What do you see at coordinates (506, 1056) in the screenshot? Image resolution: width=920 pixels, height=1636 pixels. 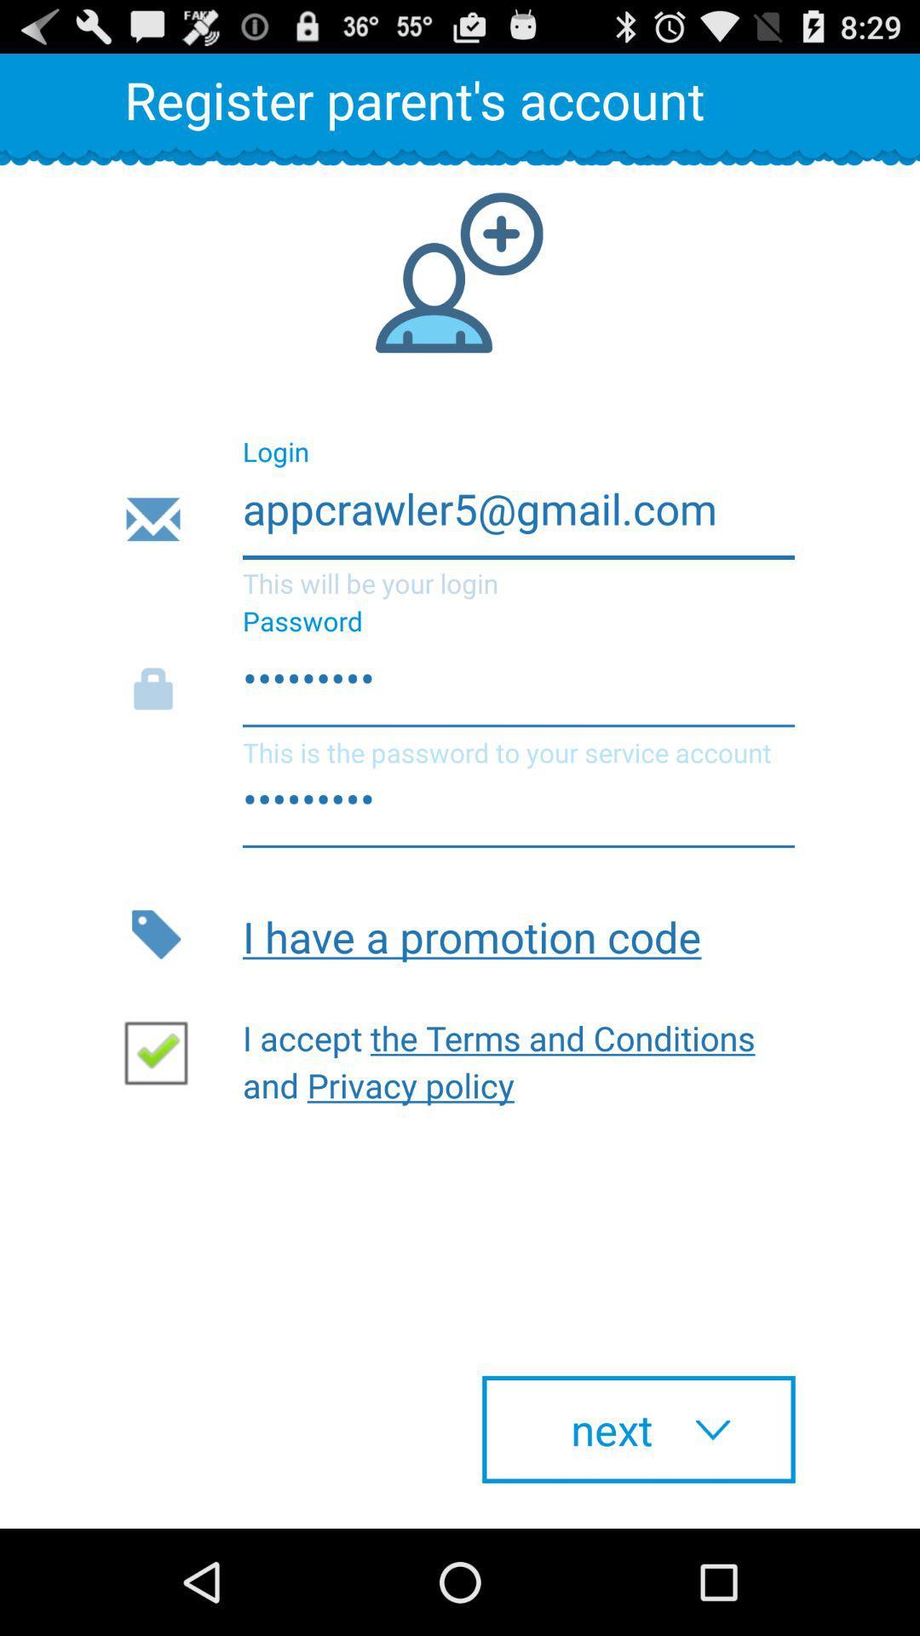 I see `button above the next item` at bounding box center [506, 1056].